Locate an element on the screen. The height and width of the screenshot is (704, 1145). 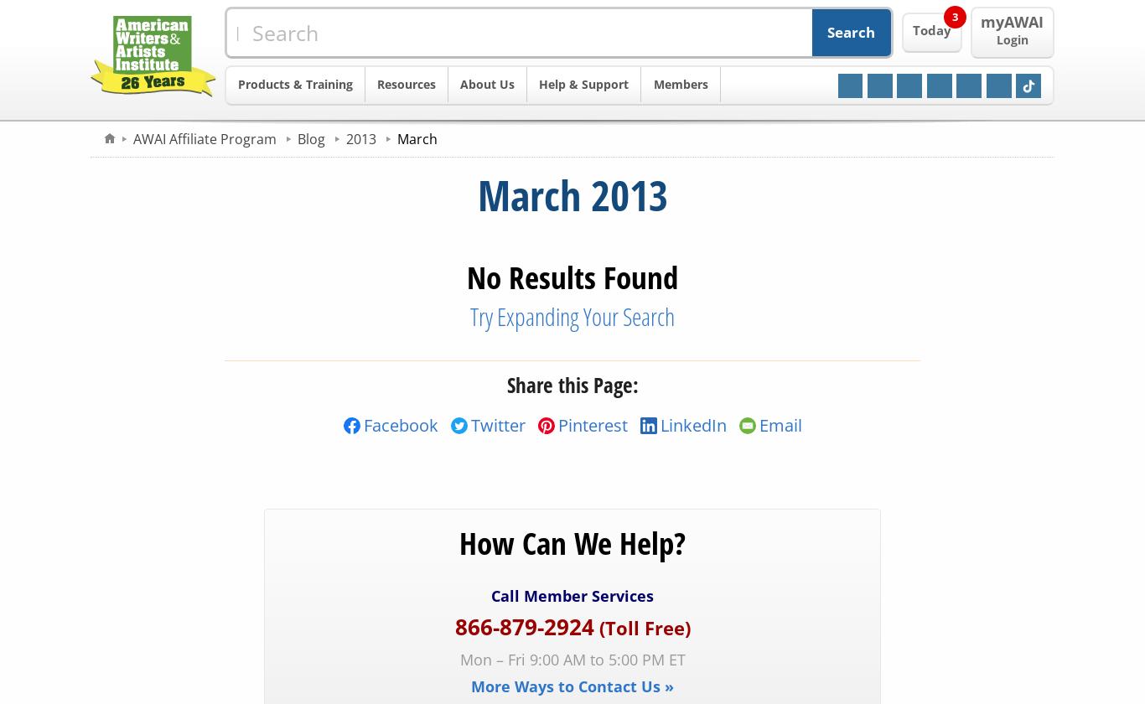
'Resources' is located at coordinates (407, 84).